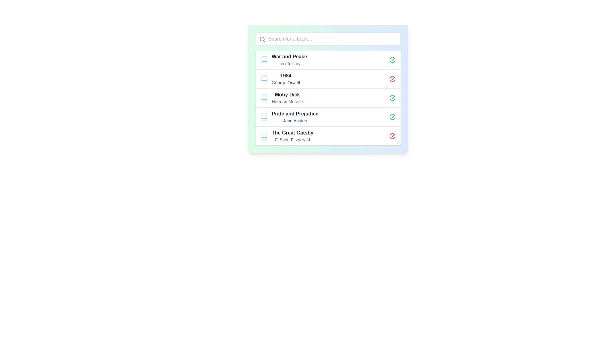 The width and height of the screenshot is (600, 337). I want to click on the list entry for 'Moby Dick', so click(327, 98).